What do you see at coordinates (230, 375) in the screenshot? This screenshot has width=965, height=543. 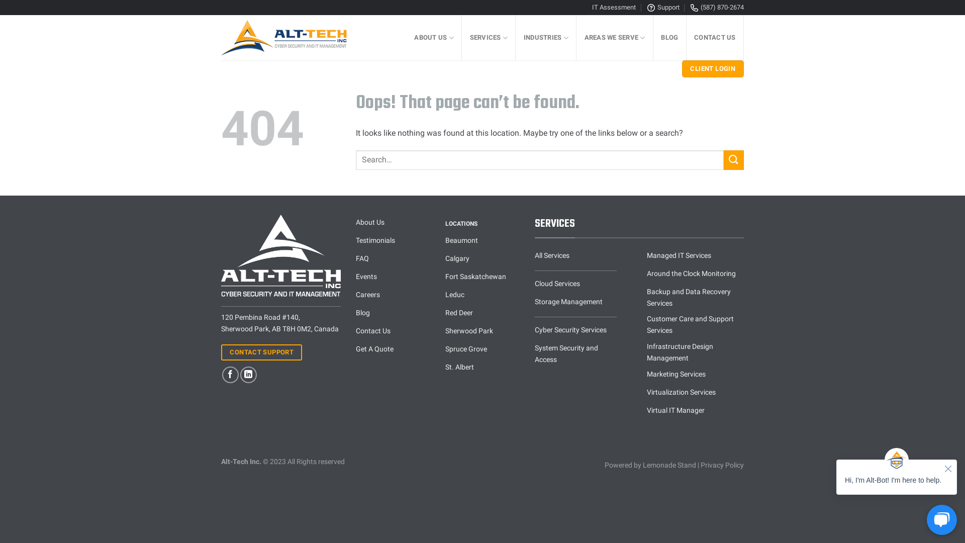 I see `'Follow on Facebook'` at bounding box center [230, 375].